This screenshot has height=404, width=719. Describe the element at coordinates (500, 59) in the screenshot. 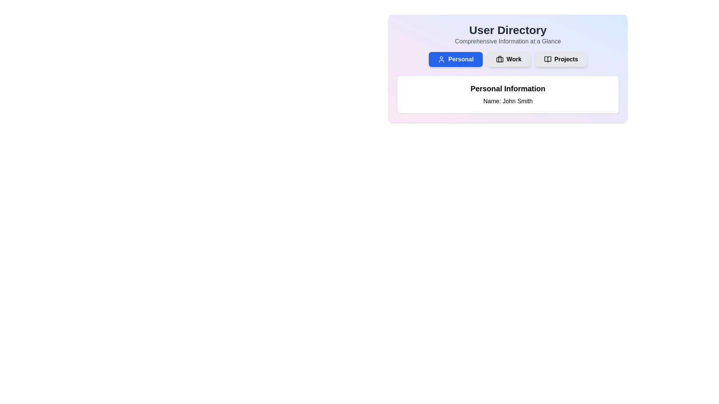

I see `the vertical line within the briefcase icon that is part of the 'Work' button` at that location.